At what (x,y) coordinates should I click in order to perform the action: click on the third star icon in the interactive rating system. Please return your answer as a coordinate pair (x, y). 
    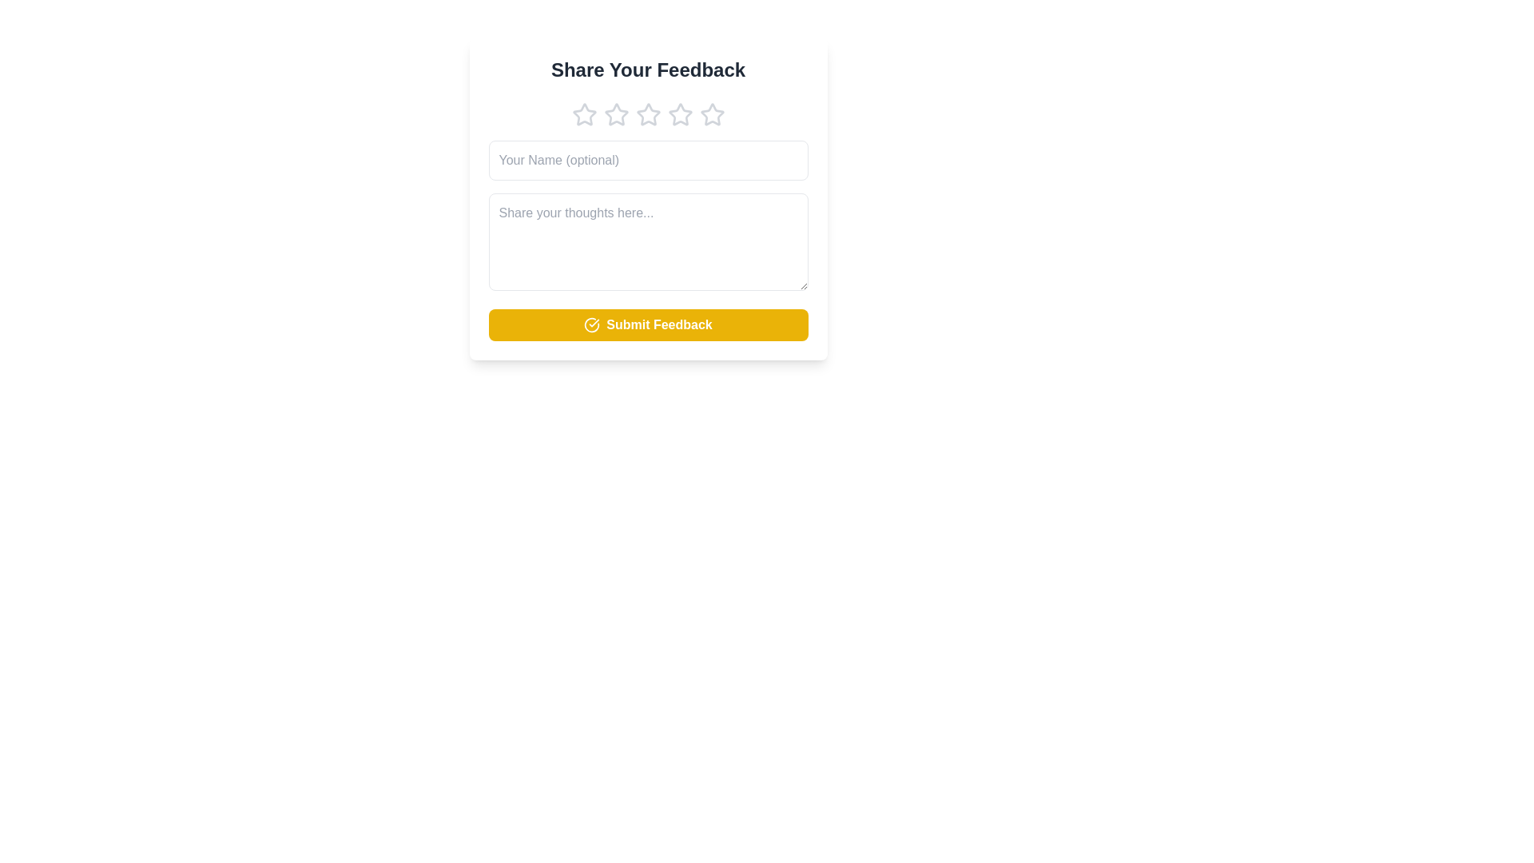
    Looking at the image, I should click on (648, 113).